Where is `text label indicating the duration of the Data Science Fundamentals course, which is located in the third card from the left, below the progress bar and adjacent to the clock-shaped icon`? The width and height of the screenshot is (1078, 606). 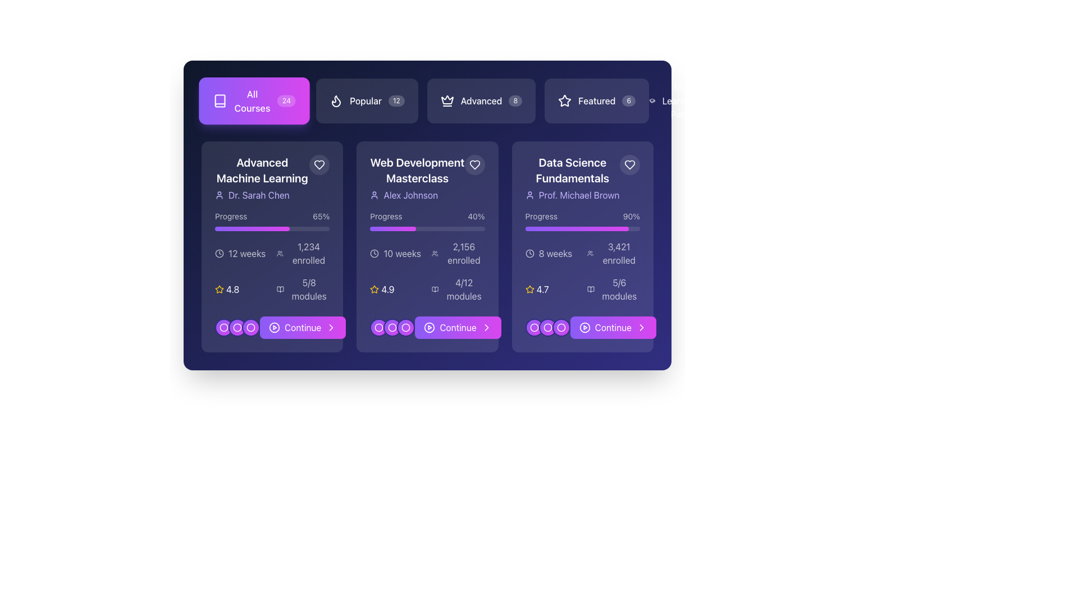 text label indicating the duration of the Data Science Fundamentals course, which is located in the third card from the left, below the progress bar and adjacent to the clock-shaped icon is located at coordinates (555, 253).